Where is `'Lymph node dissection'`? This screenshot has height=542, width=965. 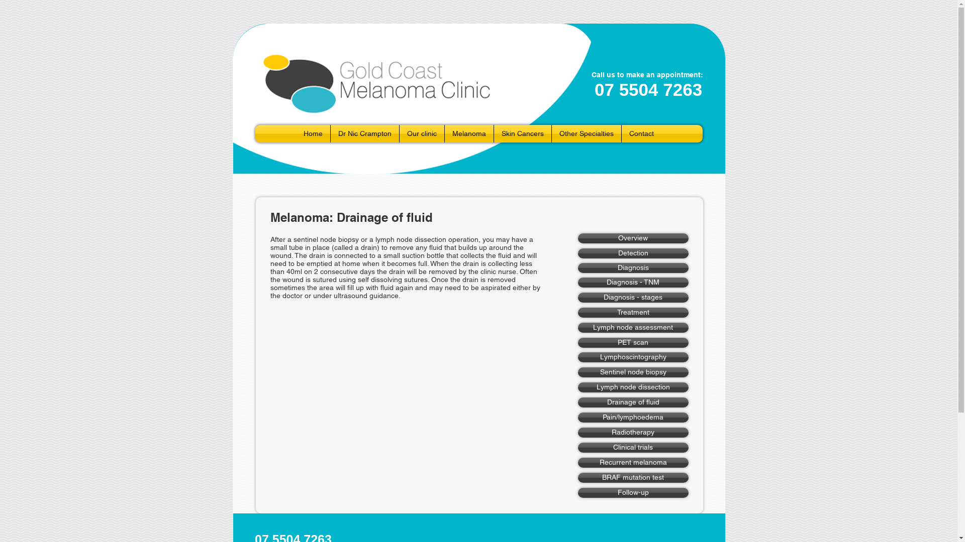 'Lymph node dissection' is located at coordinates (632, 386).